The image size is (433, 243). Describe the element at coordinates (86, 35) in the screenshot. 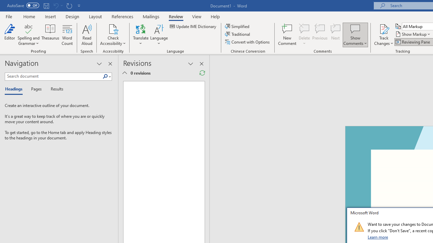

I see `'Read Aloud'` at that location.